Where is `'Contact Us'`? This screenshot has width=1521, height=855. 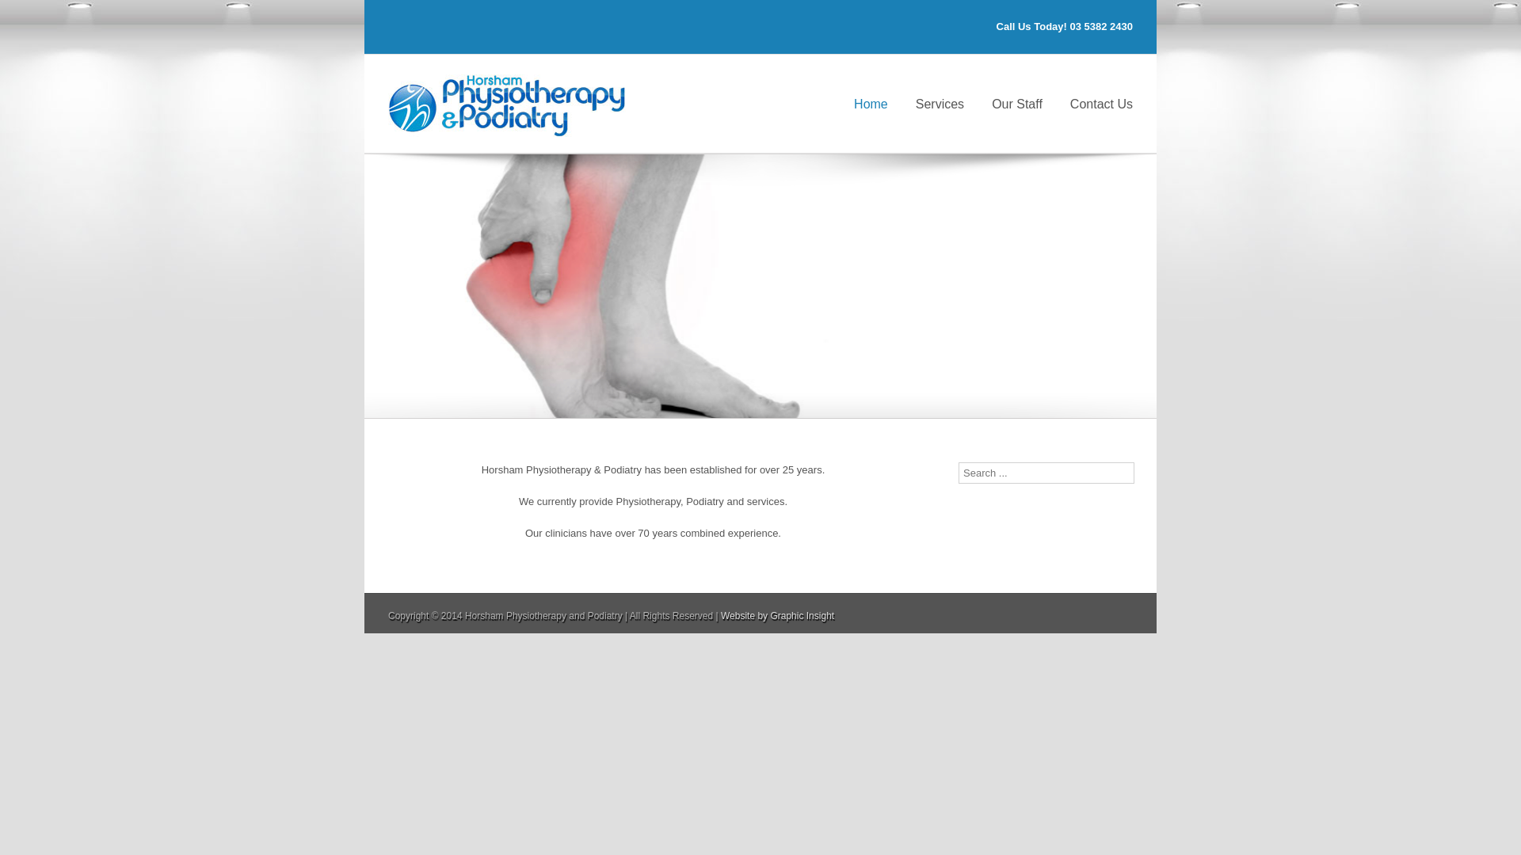
'Contact Us' is located at coordinates (1100, 103).